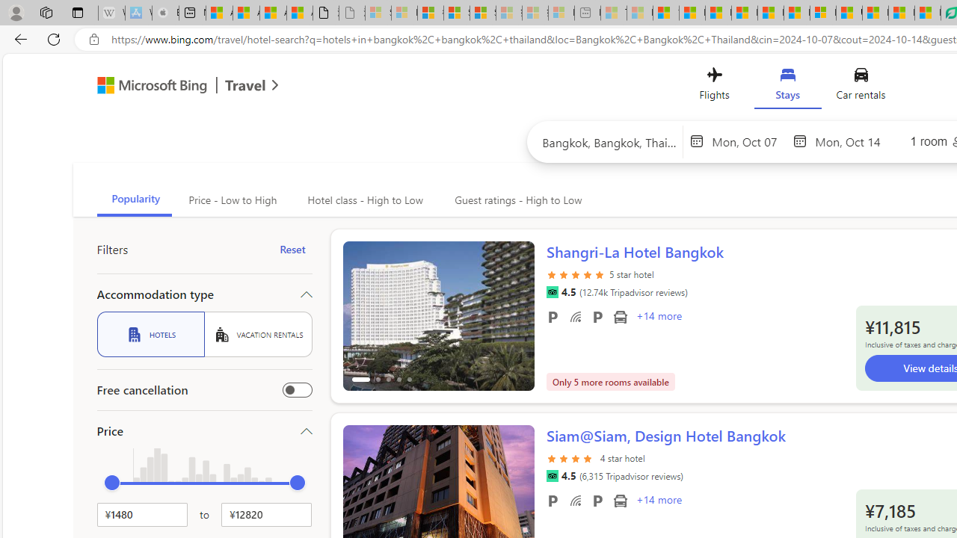 The width and height of the screenshot is (957, 538). I want to click on 'Stays', so click(787, 87).